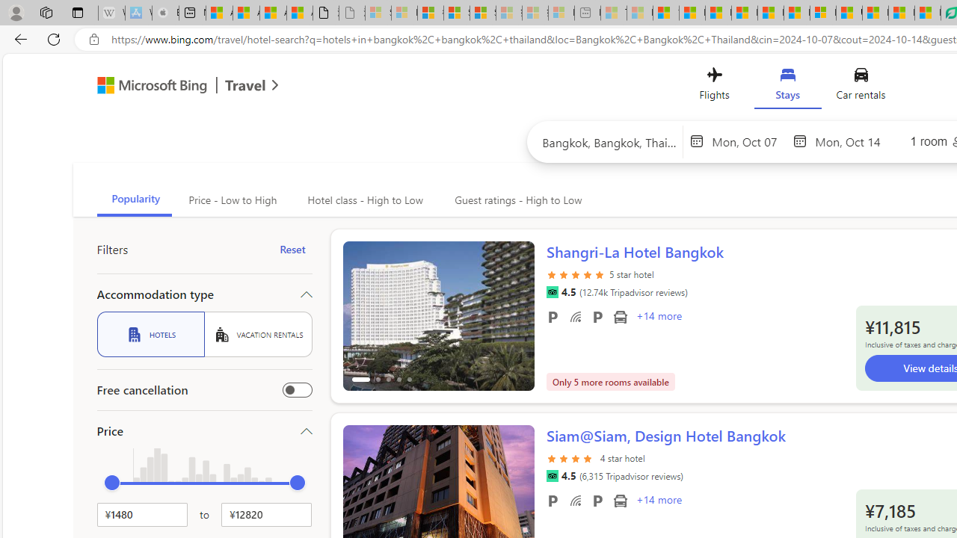 The width and height of the screenshot is (957, 538). I want to click on 'Stays', so click(787, 87).